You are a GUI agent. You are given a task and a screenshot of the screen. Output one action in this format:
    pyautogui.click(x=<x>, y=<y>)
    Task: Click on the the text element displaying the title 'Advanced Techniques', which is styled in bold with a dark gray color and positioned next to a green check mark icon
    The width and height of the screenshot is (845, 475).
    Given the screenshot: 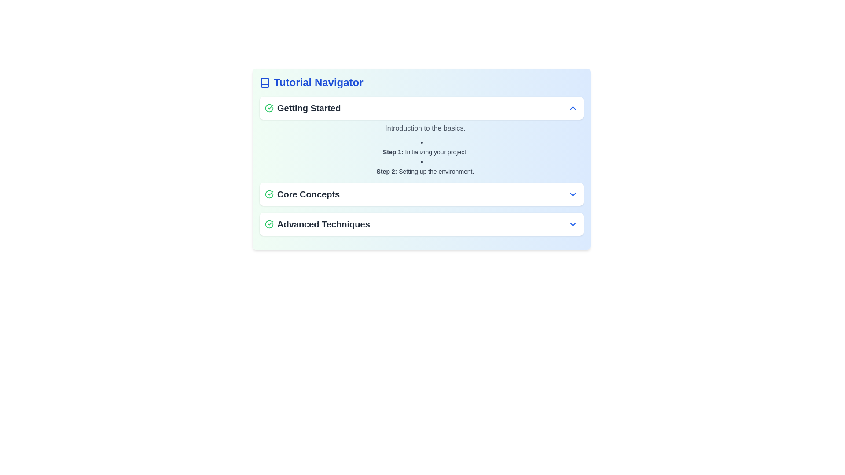 What is the action you would take?
    pyautogui.click(x=317, y=223)
    